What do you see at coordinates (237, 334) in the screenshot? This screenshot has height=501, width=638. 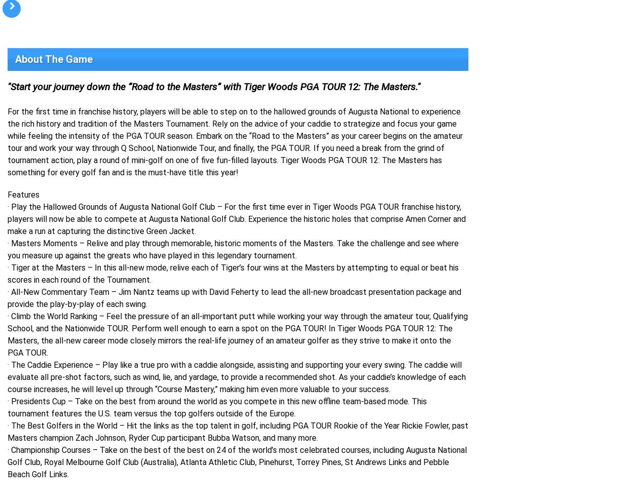 I see `'· Climb the World Ranking – Feel the pressure of an all-important putt while working your way through the amateur tour, Qualifying School, and the Nationwide TOUR. Perform well enough to earn a spot on the PGA TOUR! In Tiger Woods PGA TOUR 12: The Masters, the all-new career mode closely mirrors the real-life journey of an amateur golfer as they strive to make it onto the PGA TOUR.'` at bounding box center [237, 334].